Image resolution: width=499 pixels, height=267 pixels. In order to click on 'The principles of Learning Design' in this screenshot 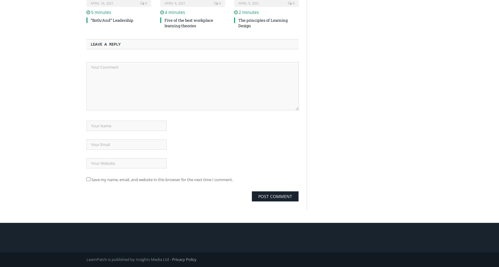, I will do `click(263, 23)`.